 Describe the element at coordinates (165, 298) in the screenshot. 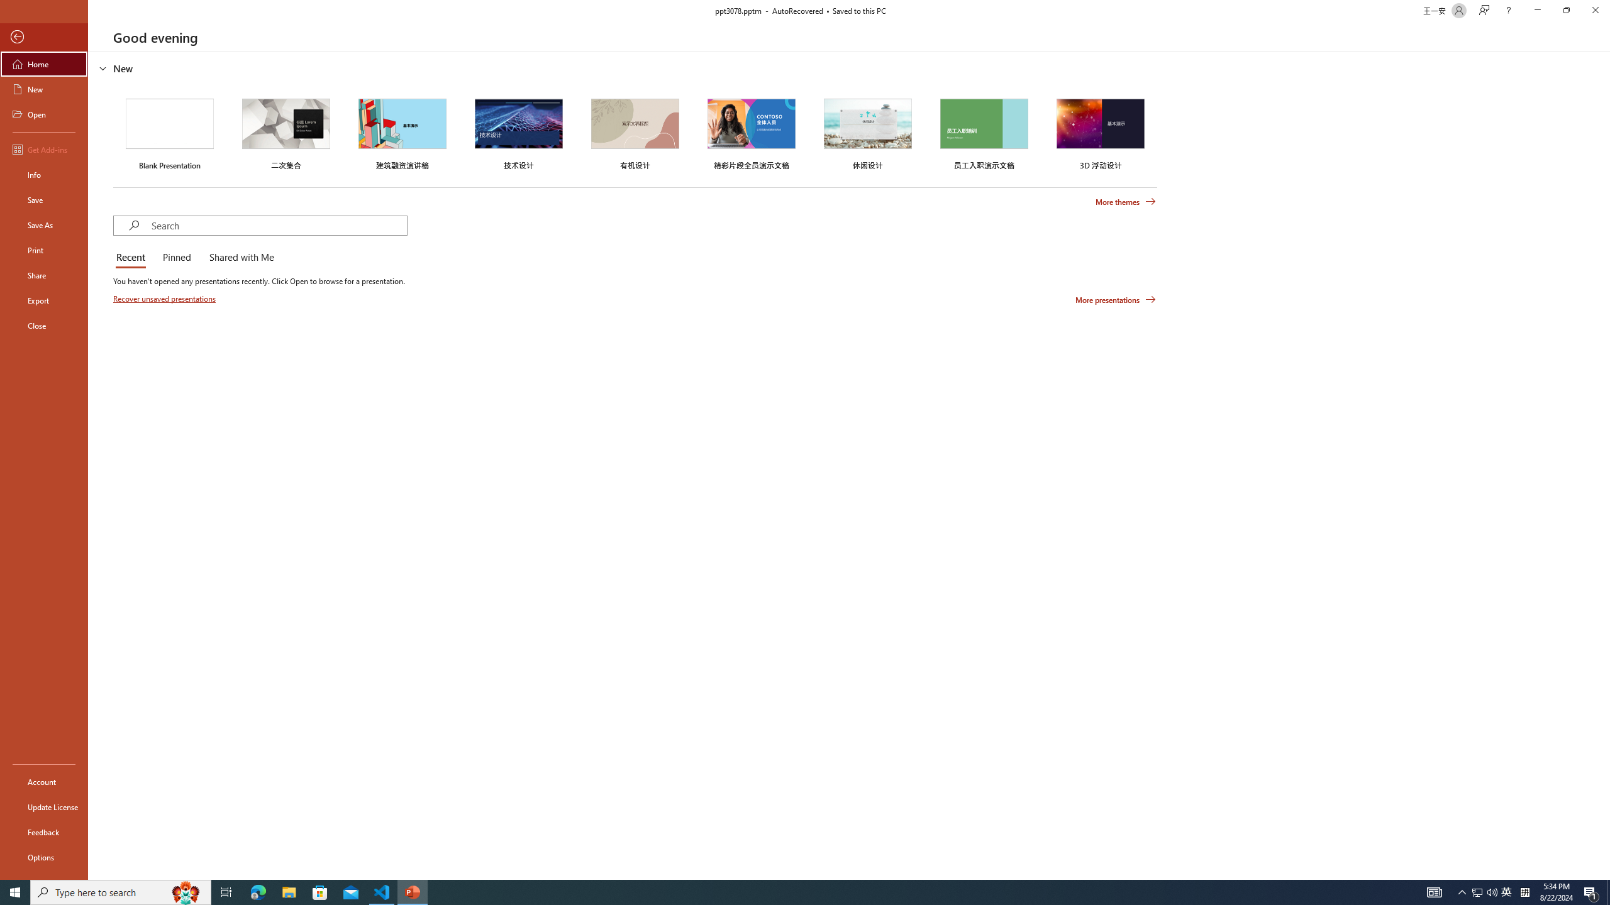

I see `'Recover unsaved presentations'` at that location.